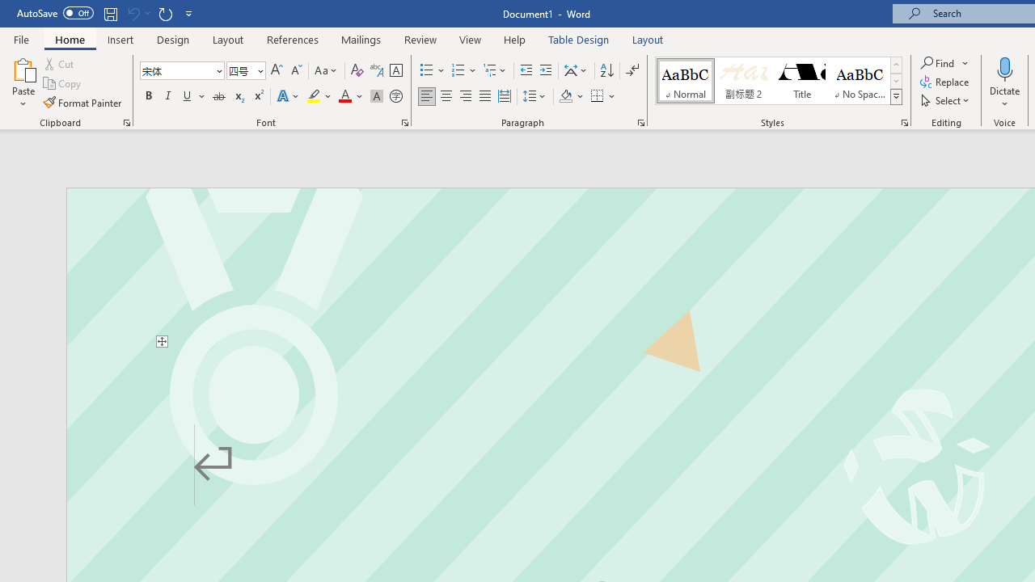 The height and width of the screenshot is (582, 1035). What do you see at coordinates (395, 96) in the screenshot?
I see `'Enclose Characters...'` at bounding box center [395, 96].